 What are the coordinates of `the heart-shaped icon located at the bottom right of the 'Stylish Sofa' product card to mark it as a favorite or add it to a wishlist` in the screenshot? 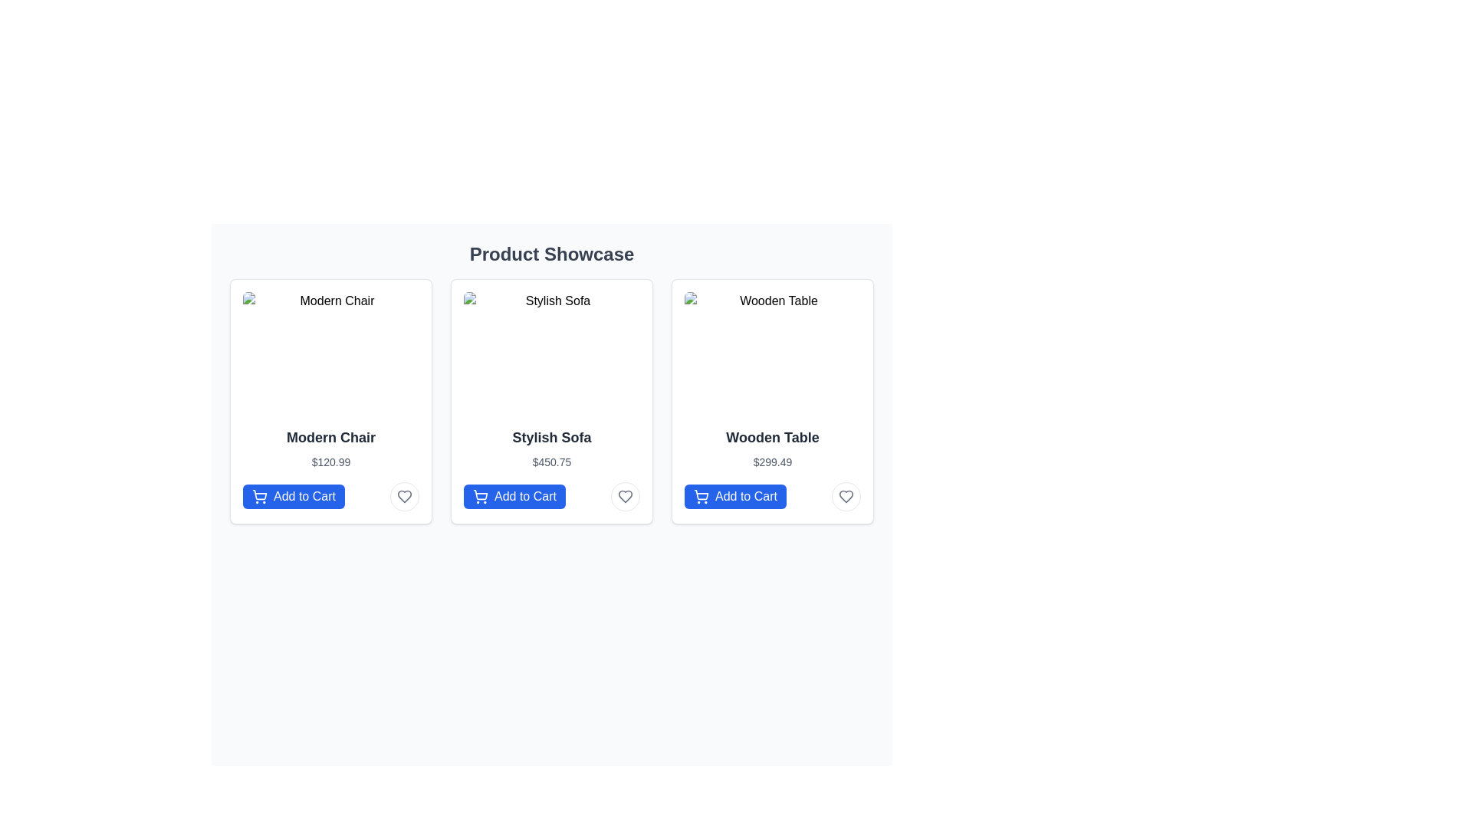 It's located at (626, 497).